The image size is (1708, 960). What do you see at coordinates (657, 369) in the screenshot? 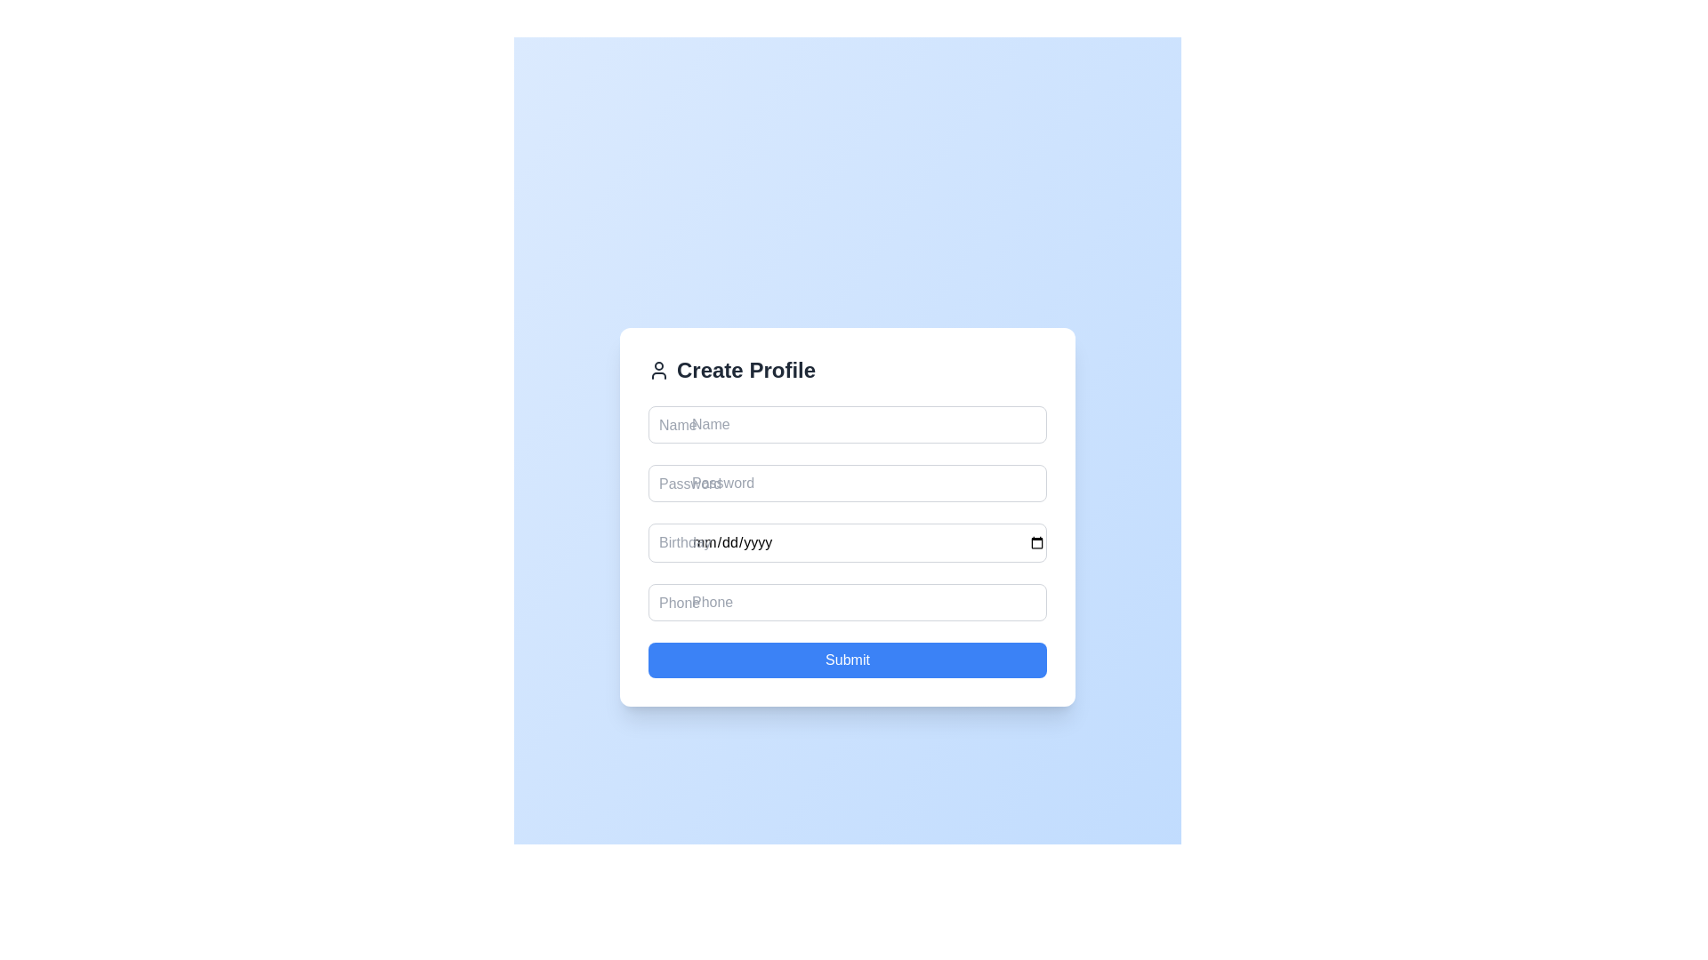
I see `the user icon located to the left of the 'Create Profile' text in the header section of the form` at bounding box center [657, 369].